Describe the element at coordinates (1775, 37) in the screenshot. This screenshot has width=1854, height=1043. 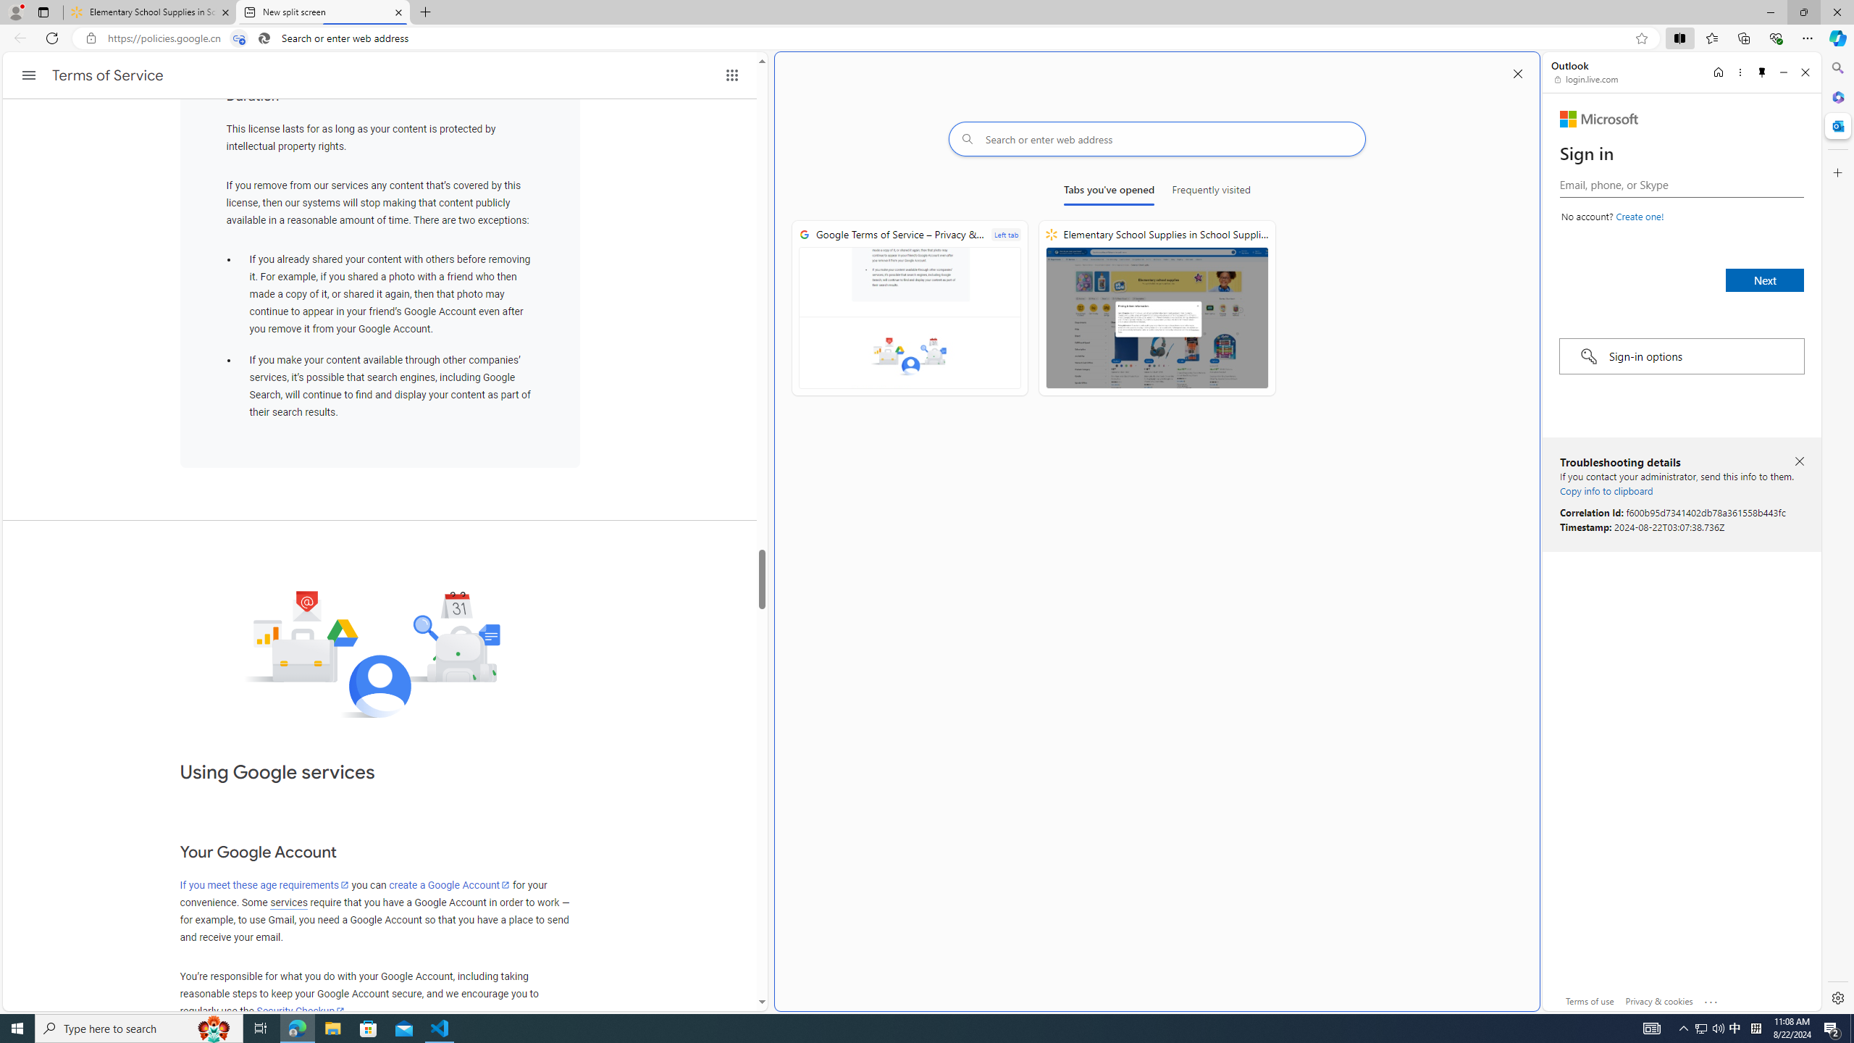
I see `'Browser essentials'` at that location.